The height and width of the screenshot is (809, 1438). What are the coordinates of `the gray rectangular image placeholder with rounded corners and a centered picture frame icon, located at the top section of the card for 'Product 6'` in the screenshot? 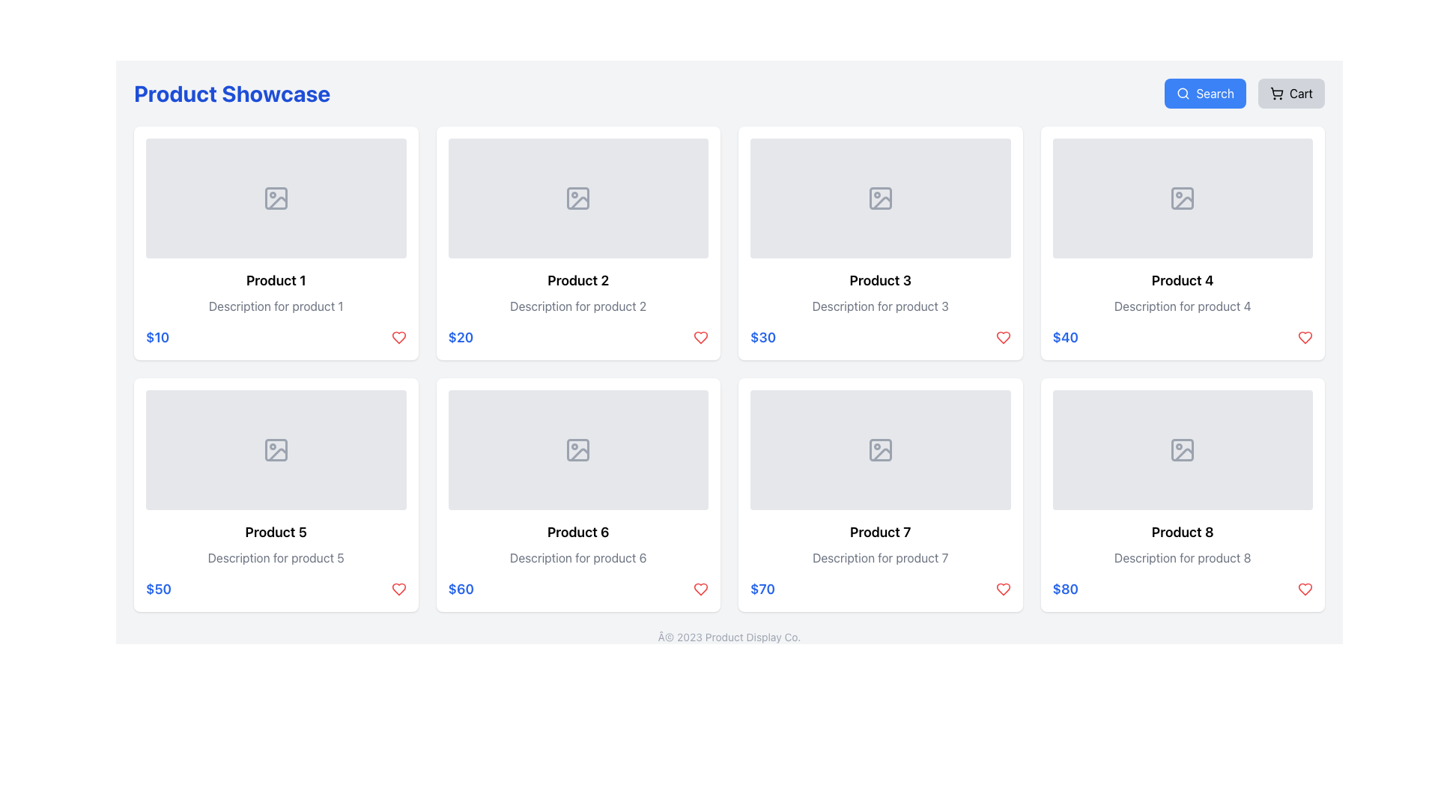 It's located at (577, 449).